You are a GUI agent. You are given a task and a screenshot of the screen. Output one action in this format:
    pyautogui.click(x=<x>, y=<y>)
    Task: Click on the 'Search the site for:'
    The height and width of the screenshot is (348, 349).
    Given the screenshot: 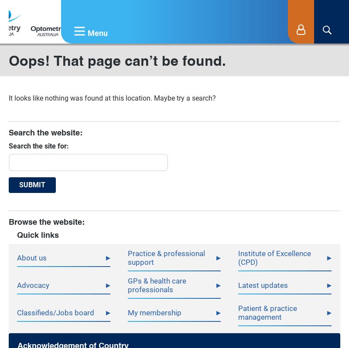 What is the action you would take?
    pyautogui.click(x=39, y=146)
    